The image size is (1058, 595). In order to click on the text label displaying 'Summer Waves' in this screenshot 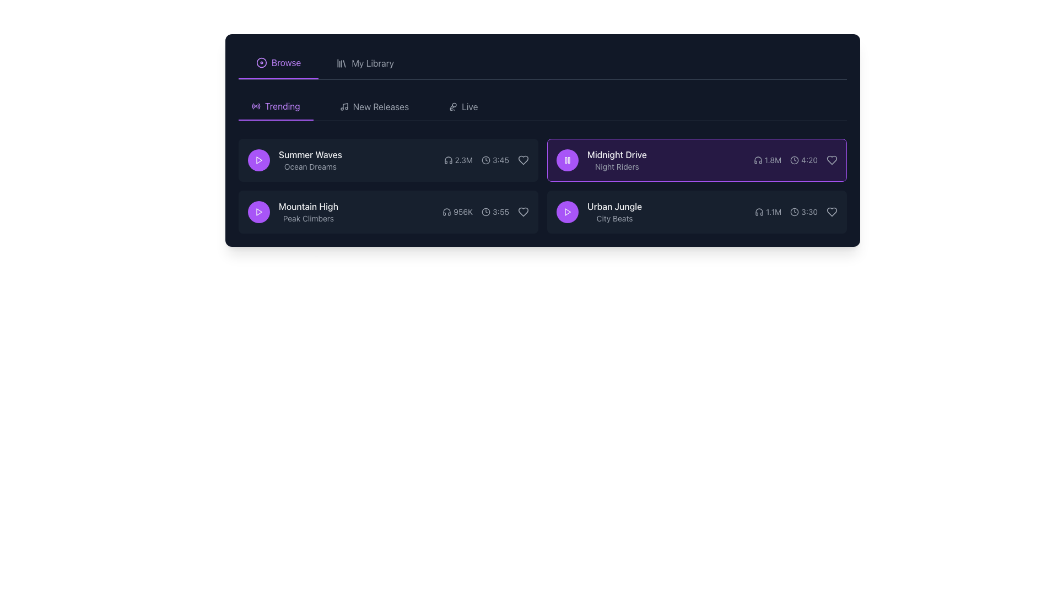, I will do `click(310, 155)`.